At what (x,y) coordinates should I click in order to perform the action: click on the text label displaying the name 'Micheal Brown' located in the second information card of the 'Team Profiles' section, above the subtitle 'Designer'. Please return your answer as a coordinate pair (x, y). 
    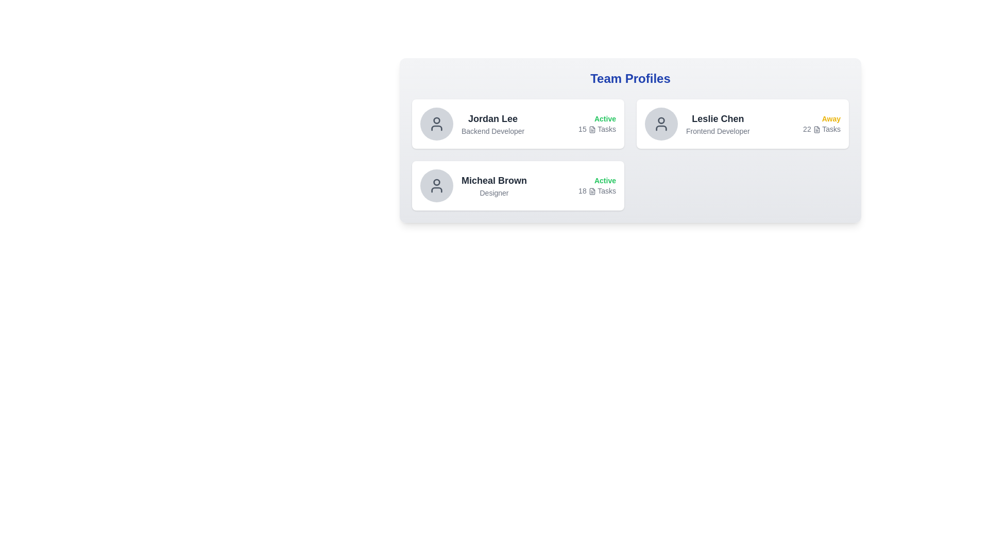
    Looking at the image, I should click on (493, 180).